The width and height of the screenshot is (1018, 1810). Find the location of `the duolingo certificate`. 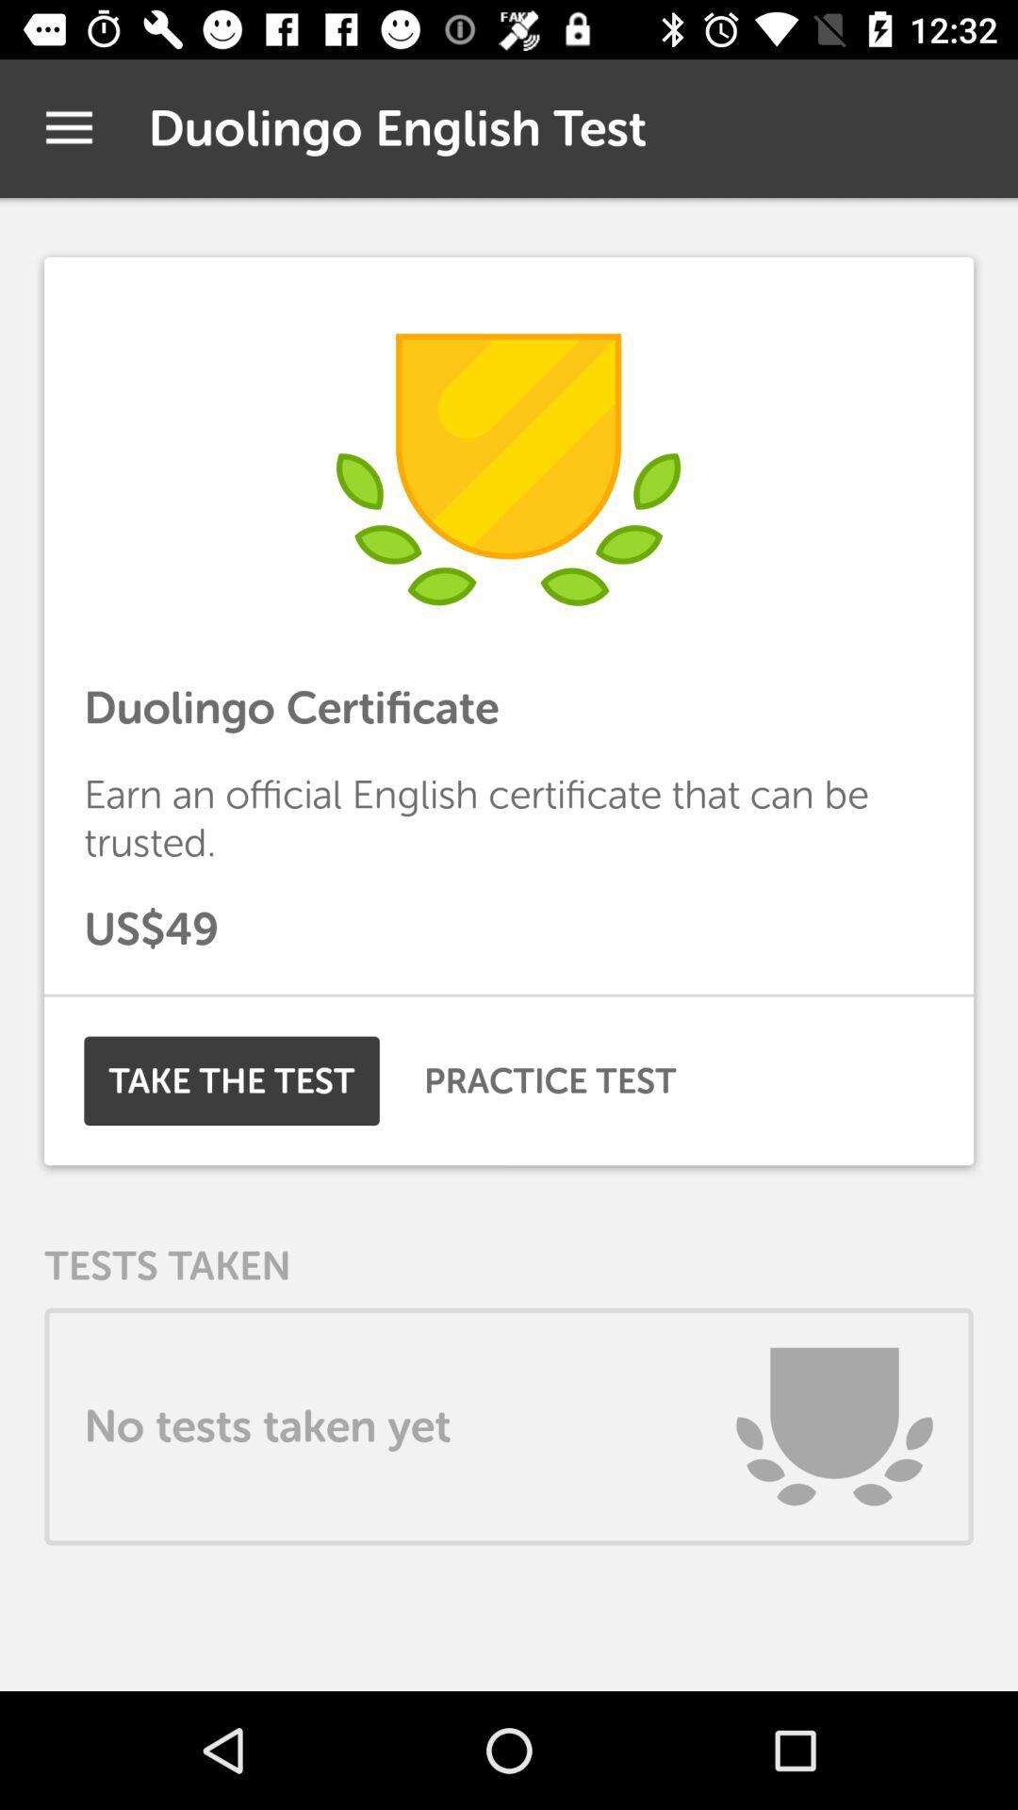

the duolingo certificate is located at coordinates (509, 707).